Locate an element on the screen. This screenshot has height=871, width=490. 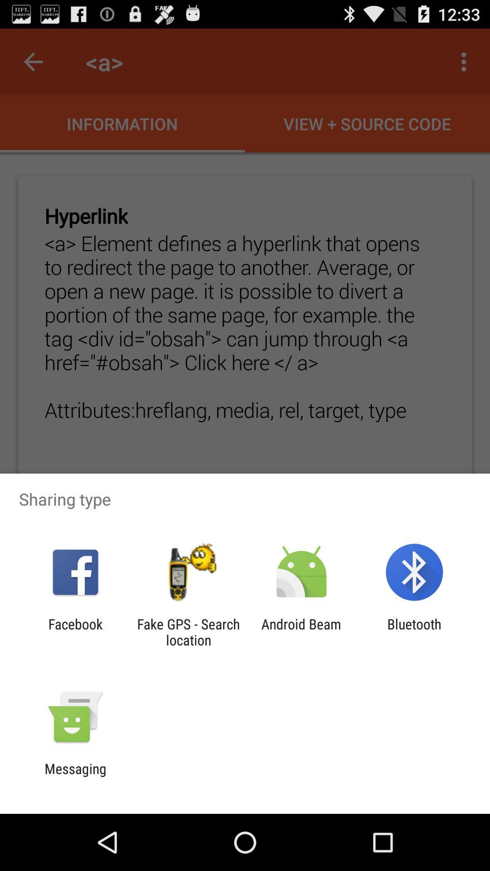
app to the left of the fake gps search app is located at coordinates (75, 631).